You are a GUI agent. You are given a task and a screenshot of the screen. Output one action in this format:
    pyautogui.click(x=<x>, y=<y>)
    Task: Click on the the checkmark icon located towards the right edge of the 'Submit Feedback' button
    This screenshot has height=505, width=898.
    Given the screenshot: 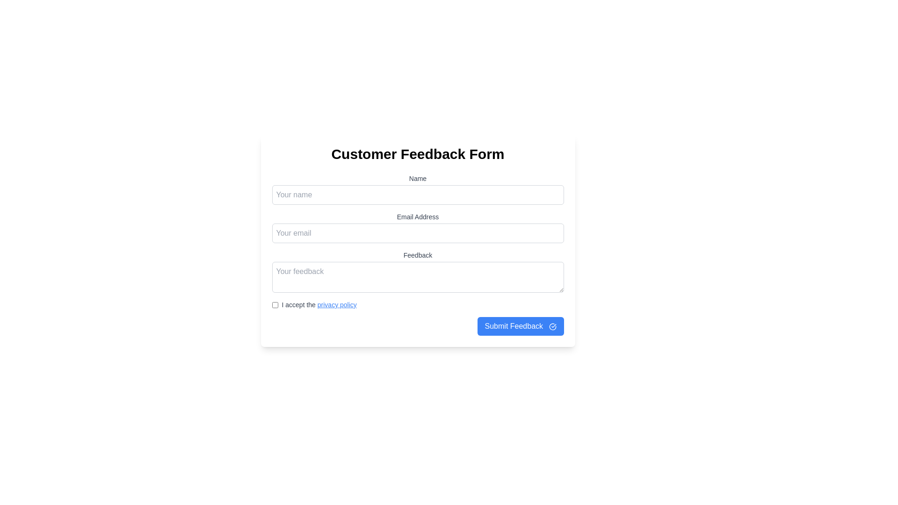 What is the action you would take?
    pyautogui.click(x=552, y=326)
    